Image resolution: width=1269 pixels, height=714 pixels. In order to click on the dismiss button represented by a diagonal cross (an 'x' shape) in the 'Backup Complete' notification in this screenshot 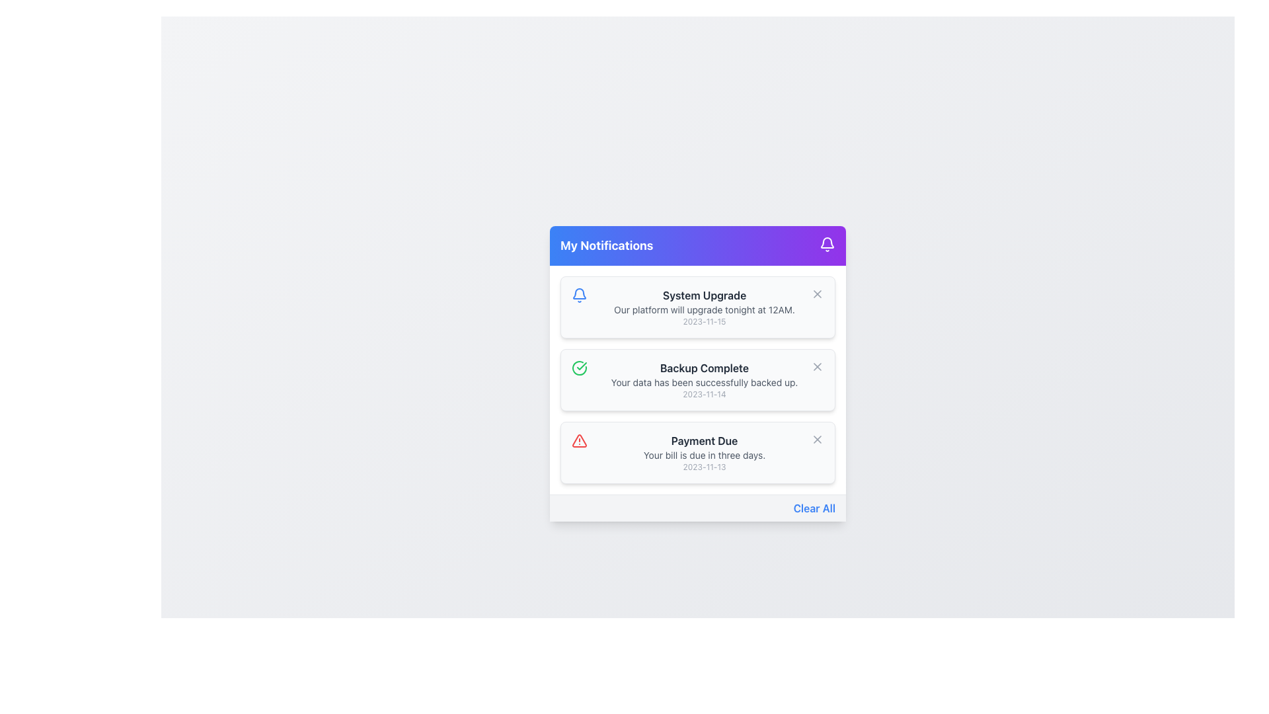, I will do `click(817, 438)`.